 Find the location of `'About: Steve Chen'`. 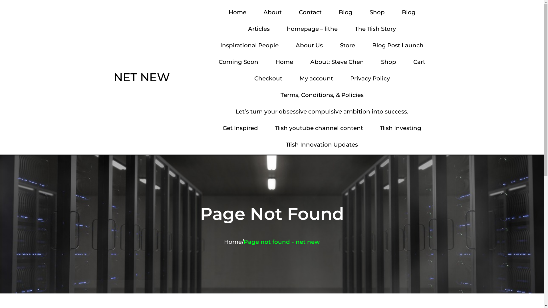

'About: Steve Chen' is located at coordinates (337, 62).